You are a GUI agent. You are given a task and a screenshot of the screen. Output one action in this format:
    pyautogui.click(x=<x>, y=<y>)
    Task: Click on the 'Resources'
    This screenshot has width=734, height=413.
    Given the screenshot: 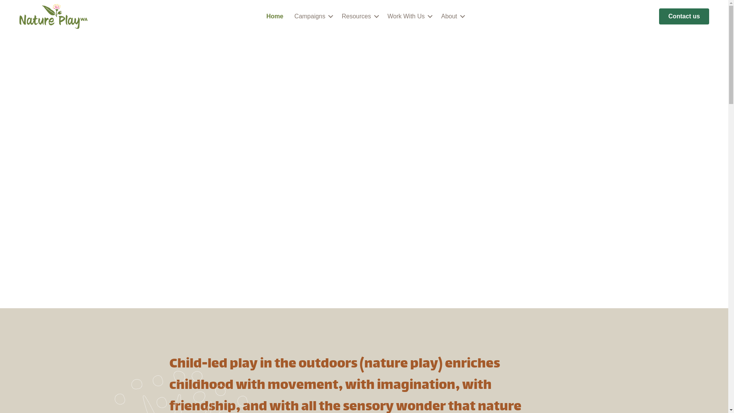 What is the action you would take?
    pyautogui.click(x=359, y=16)
    